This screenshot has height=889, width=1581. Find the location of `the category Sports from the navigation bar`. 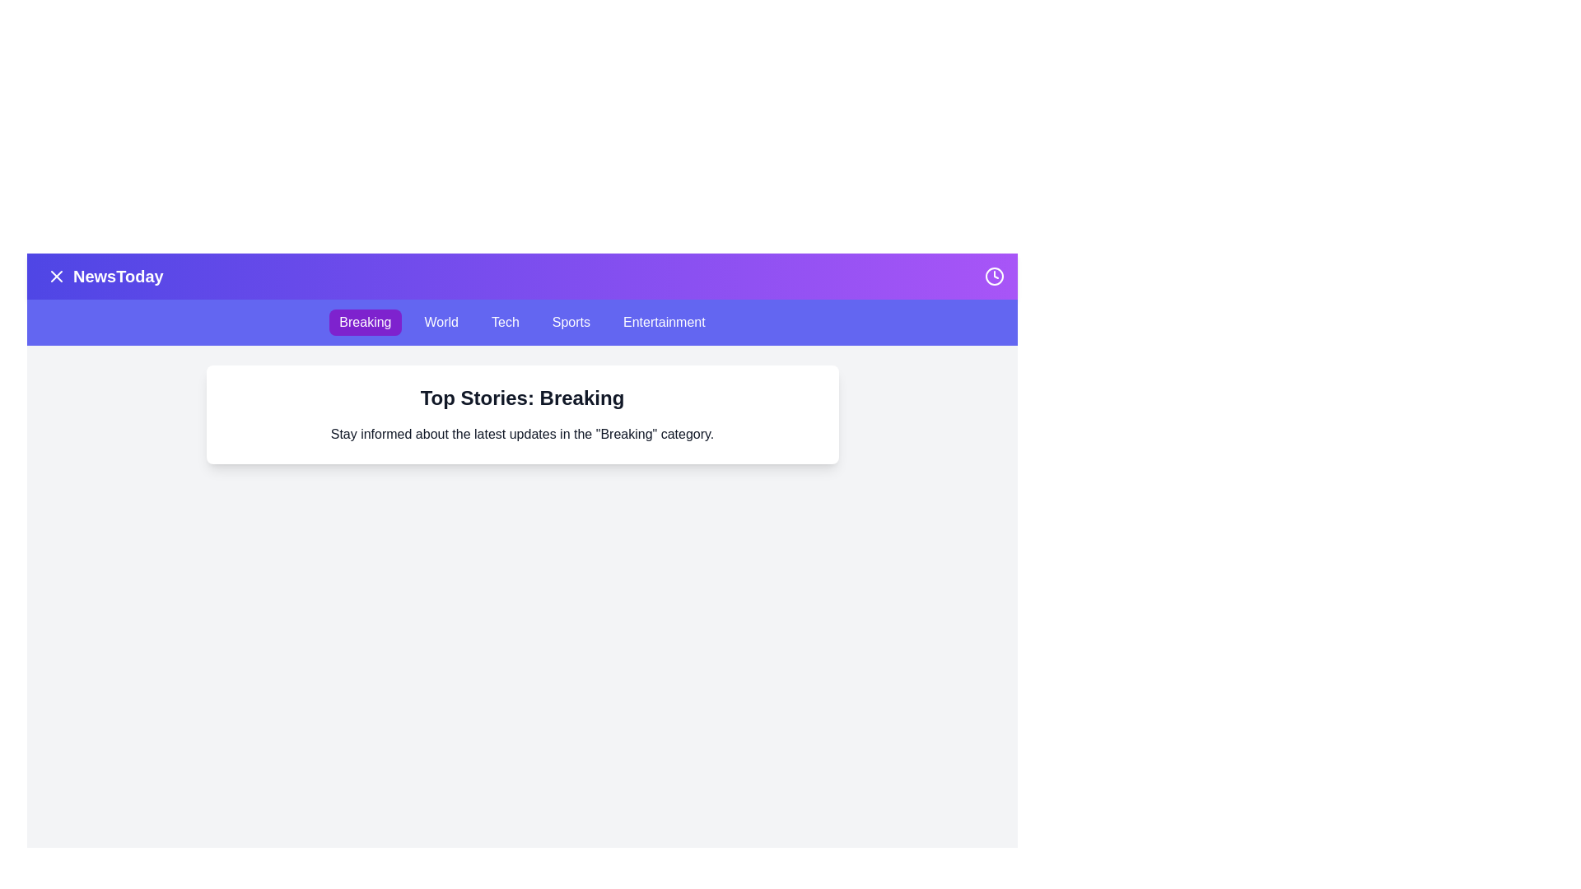

the category Sports from the navigation bar is located at coordinates (571, 323).